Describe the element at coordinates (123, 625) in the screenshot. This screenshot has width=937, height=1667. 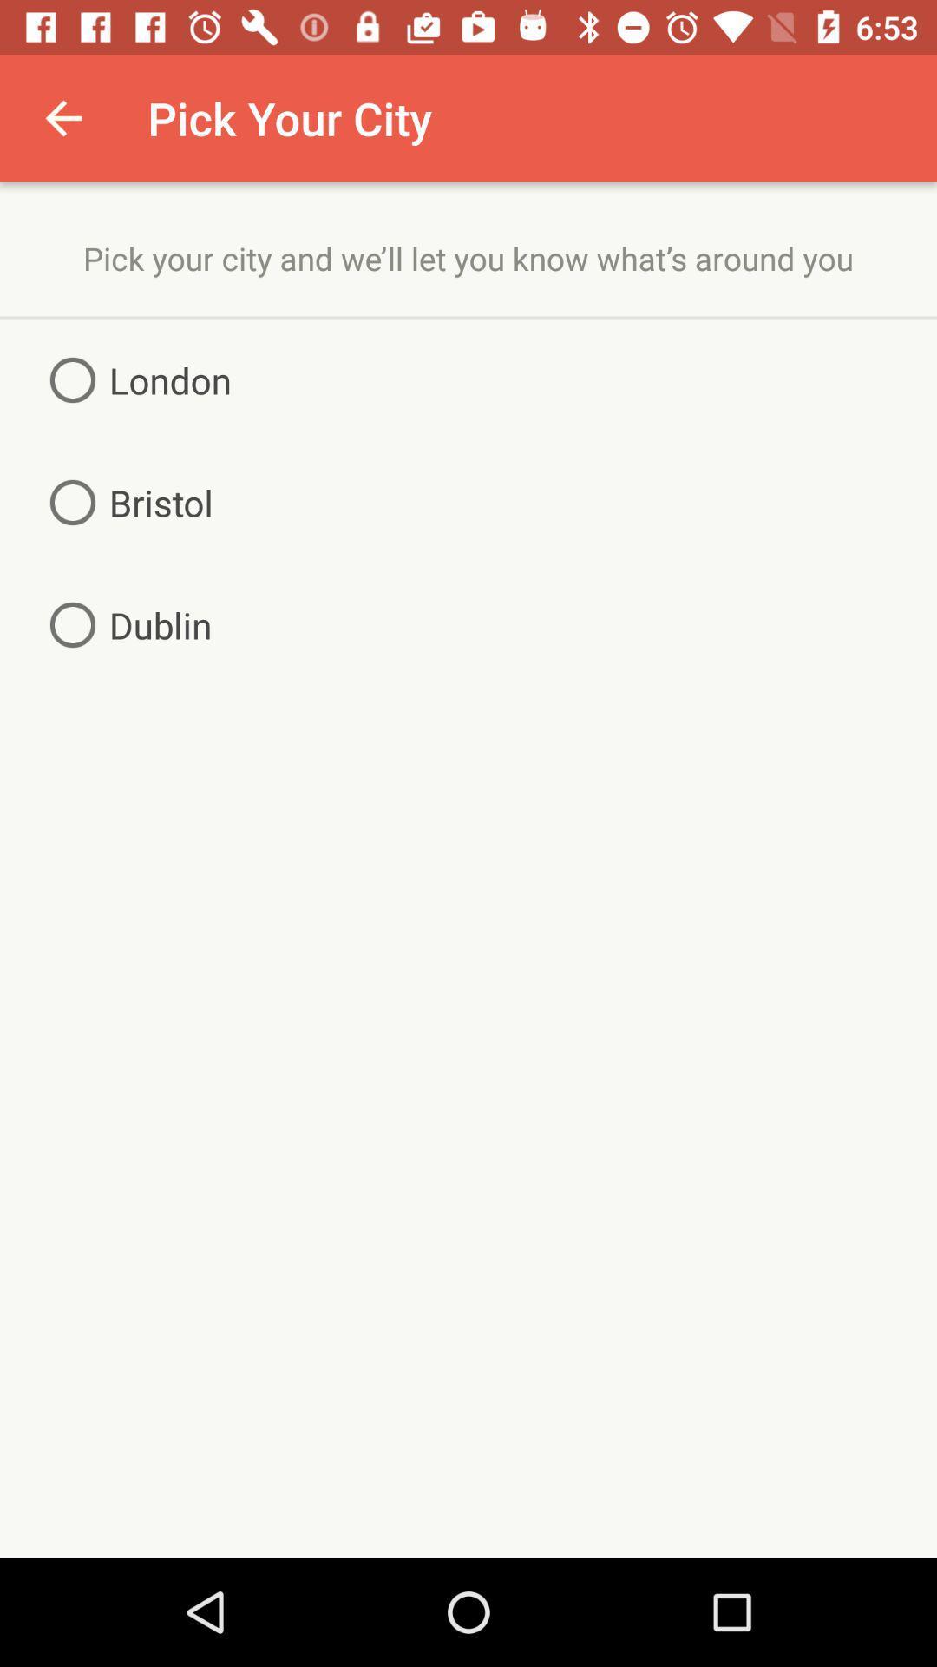
I see `the dublin item` at that location.